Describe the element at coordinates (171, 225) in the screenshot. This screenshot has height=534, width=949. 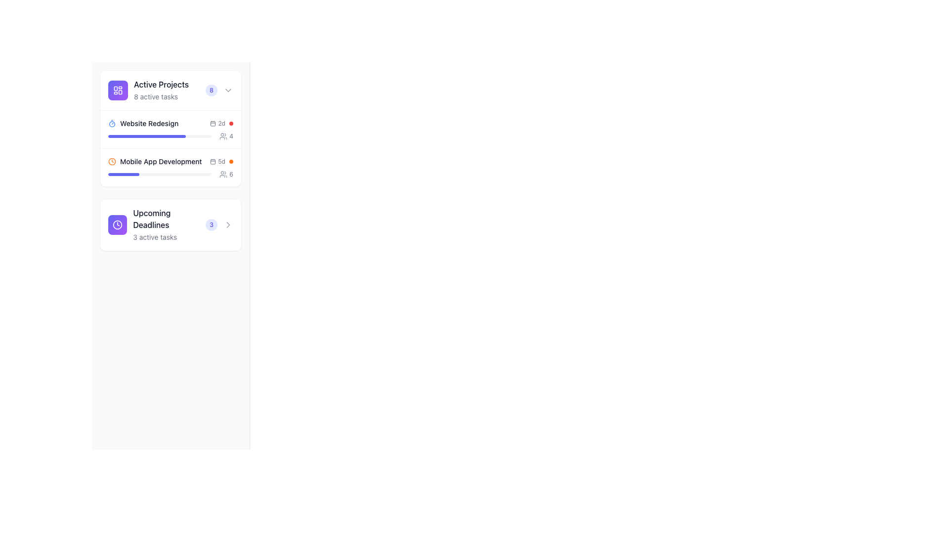
I see `the 'Upcoming Deadlines' Overview card, which is the last task card in the list of 'Active Projects'` at that location.